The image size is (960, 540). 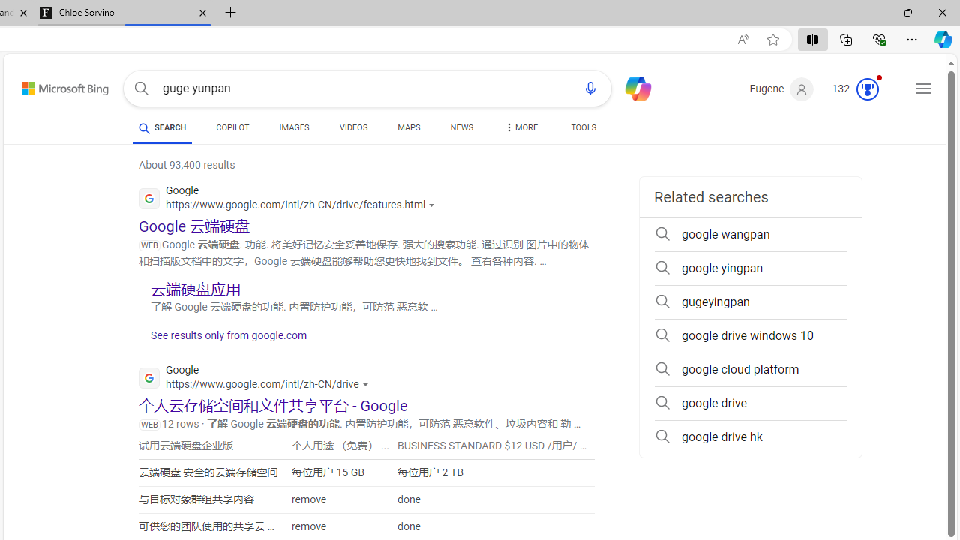 What do you see at coordinates (773, 39) in the screenshot?
I see `'Add this page to favorites (Ctrl+D)'` at bounding box center [773, 39].